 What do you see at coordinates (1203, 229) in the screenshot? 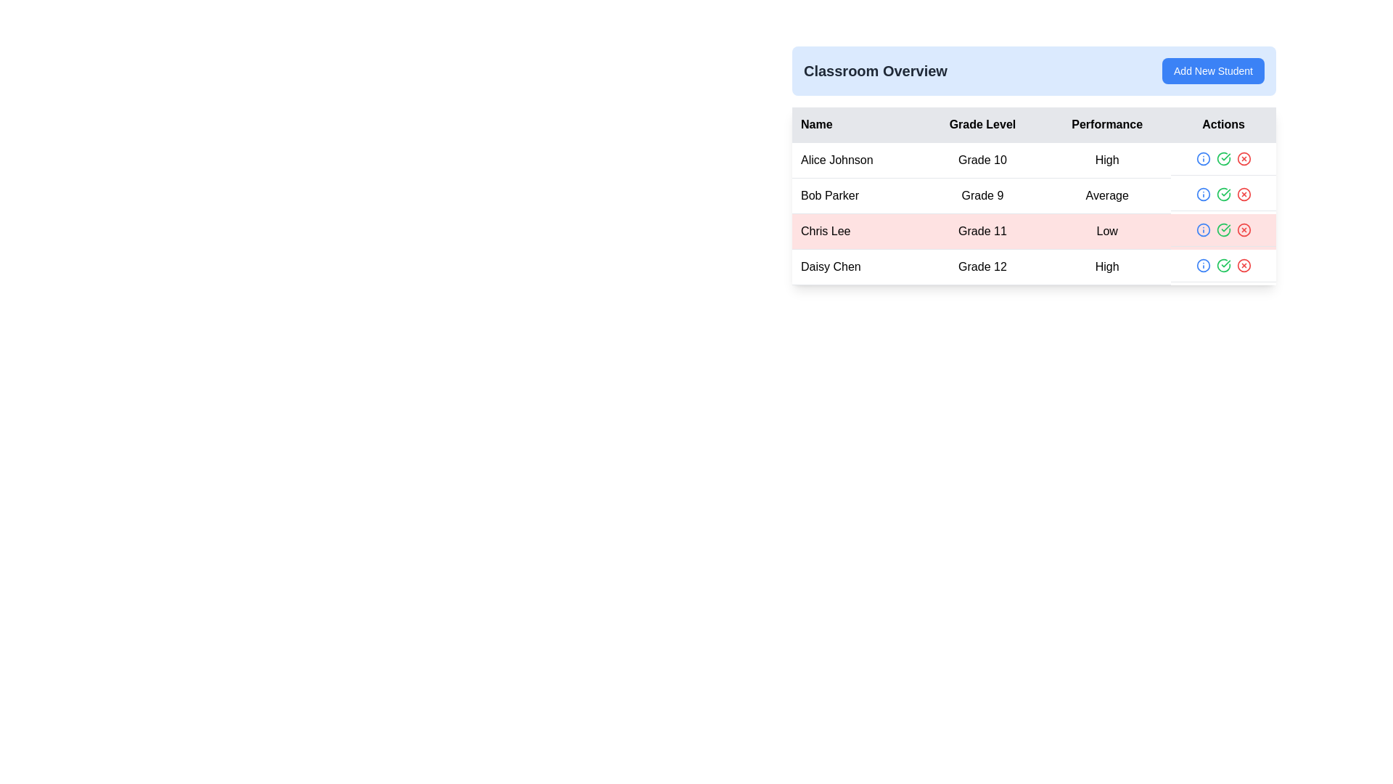
I see `the central part of the 'info' icon within the 'Actions' column for 'Chris Lee'` at bounding box center [1203, 229].